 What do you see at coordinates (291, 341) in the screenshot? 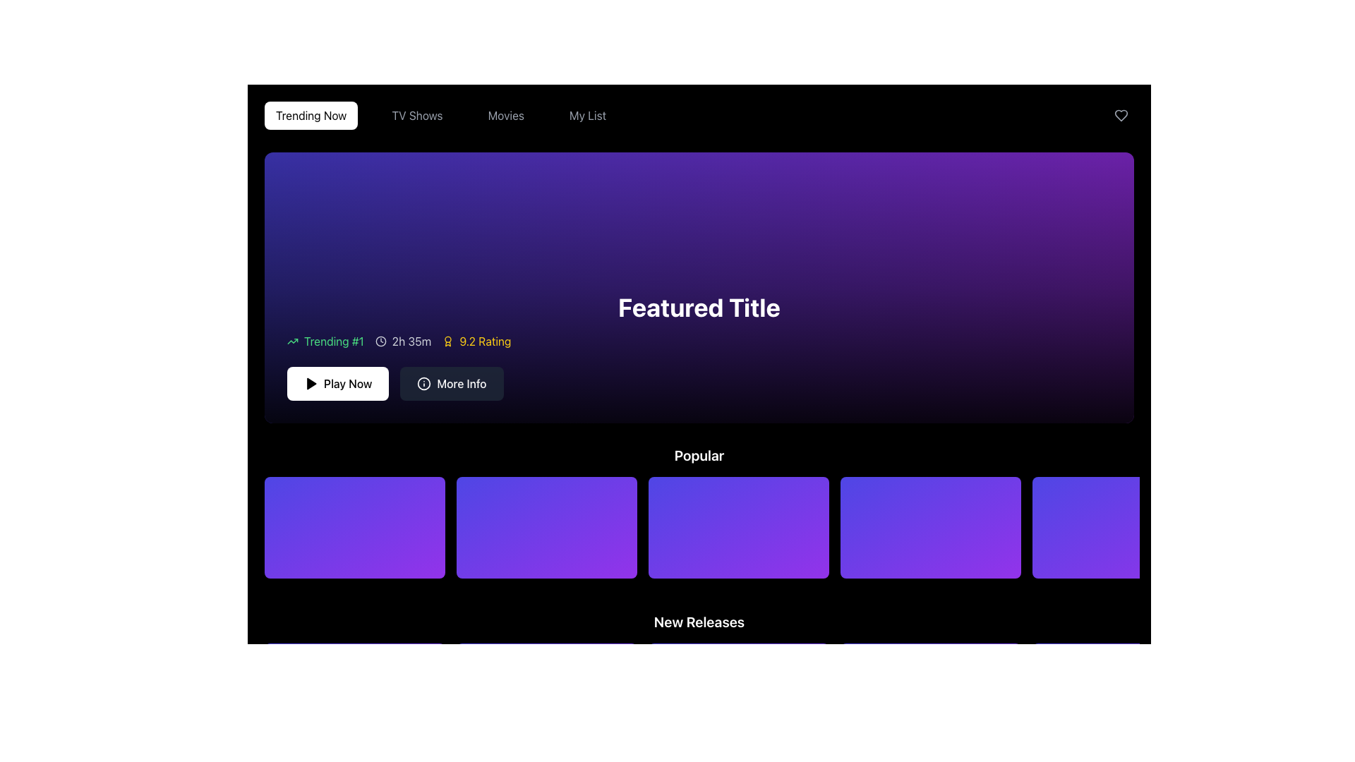
I see `the small upward-trending arrow icon, which has a green stroke color and is positioned next to the text 'Trending #1'` at bounding box center [291, 341].